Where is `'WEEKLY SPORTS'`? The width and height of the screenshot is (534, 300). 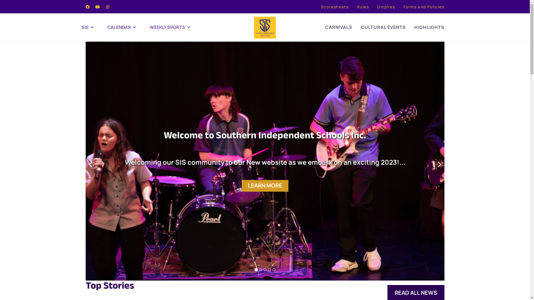
'WEEKLY SPORTS' is located at coordinates (172, 27).